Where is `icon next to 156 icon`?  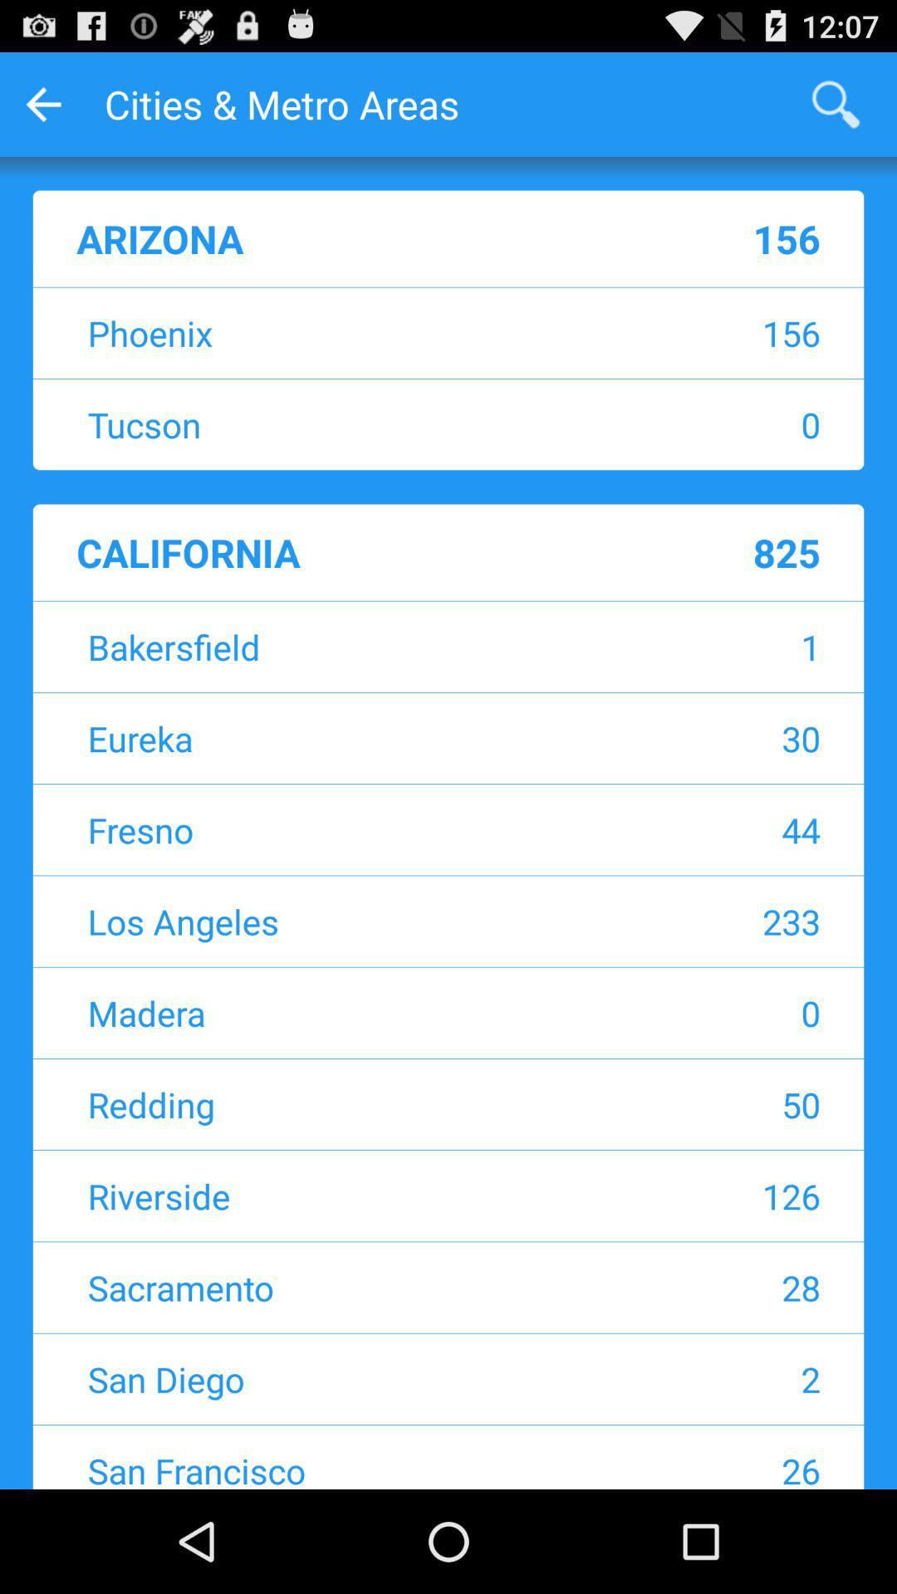 icon next to 156 icon is located at coordinates (344, 332).